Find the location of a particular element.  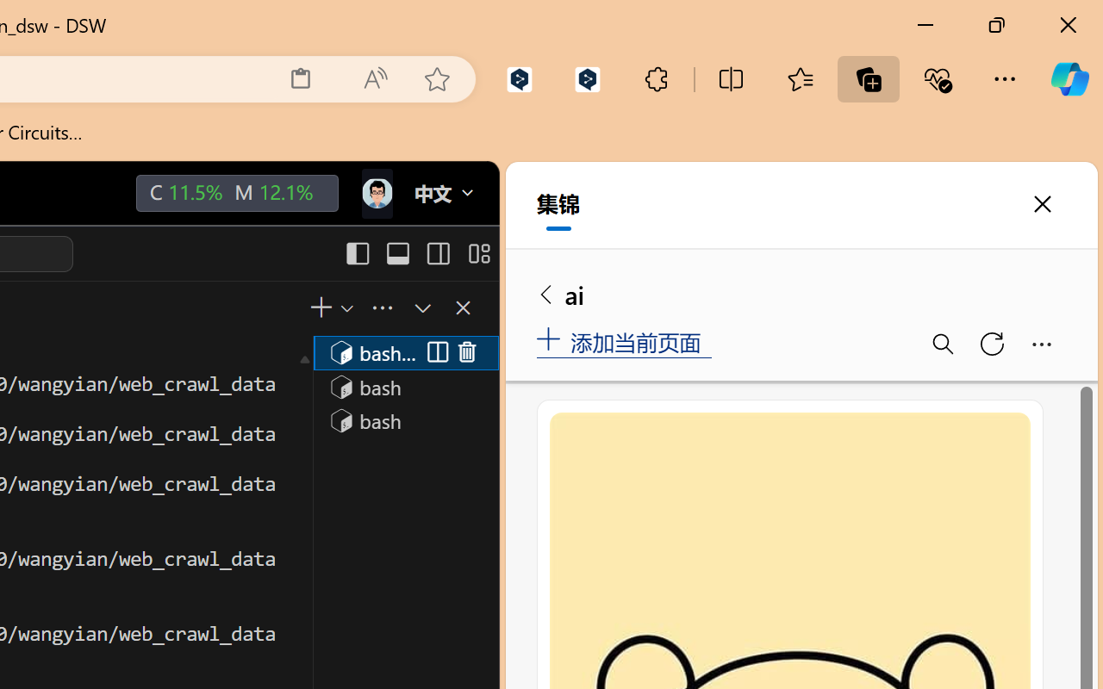

'Class: next-menu next-hoz widgets--iconMenu--BFkiHRM' is located at coordinates (375, 194).